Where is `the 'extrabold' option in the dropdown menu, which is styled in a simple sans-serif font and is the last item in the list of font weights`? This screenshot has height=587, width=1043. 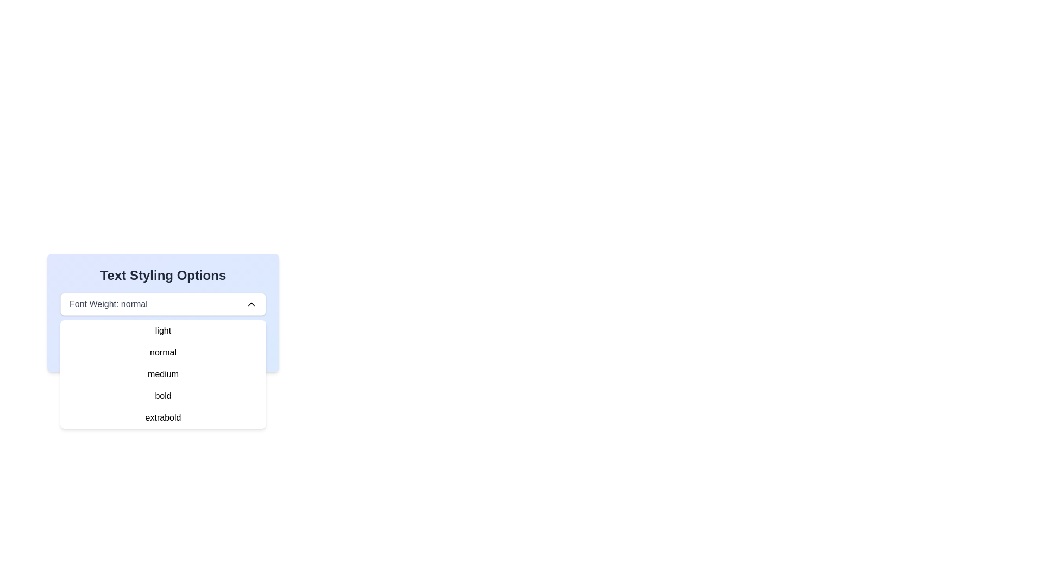
the 'extrabold' option in the dropdown menu, which is styled in a simple sans-serif font and is the last item in the list of font weights is located at coordinates (162, 417).